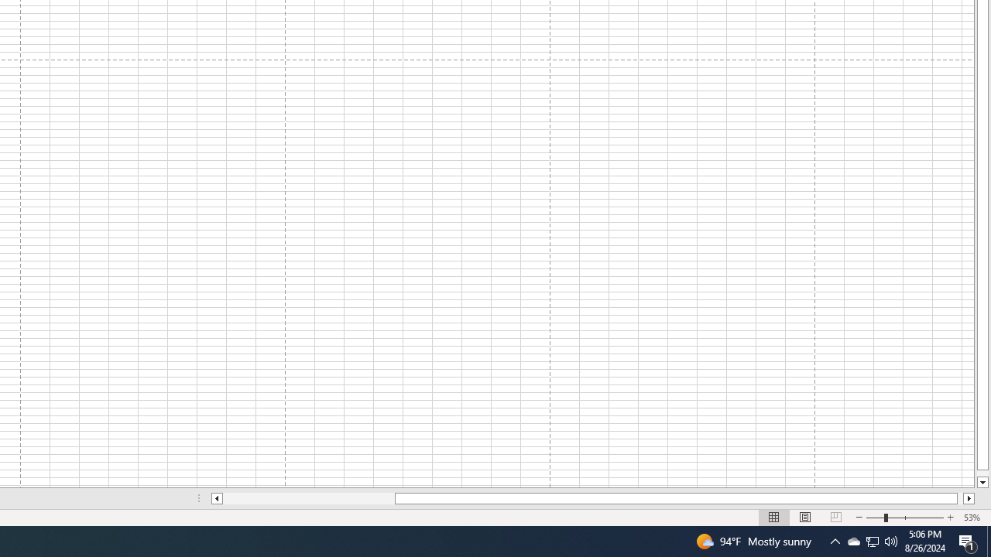  Describe the element at coordinates (805, 518) in the screenshot. I see `'Page Layout'` at that location.